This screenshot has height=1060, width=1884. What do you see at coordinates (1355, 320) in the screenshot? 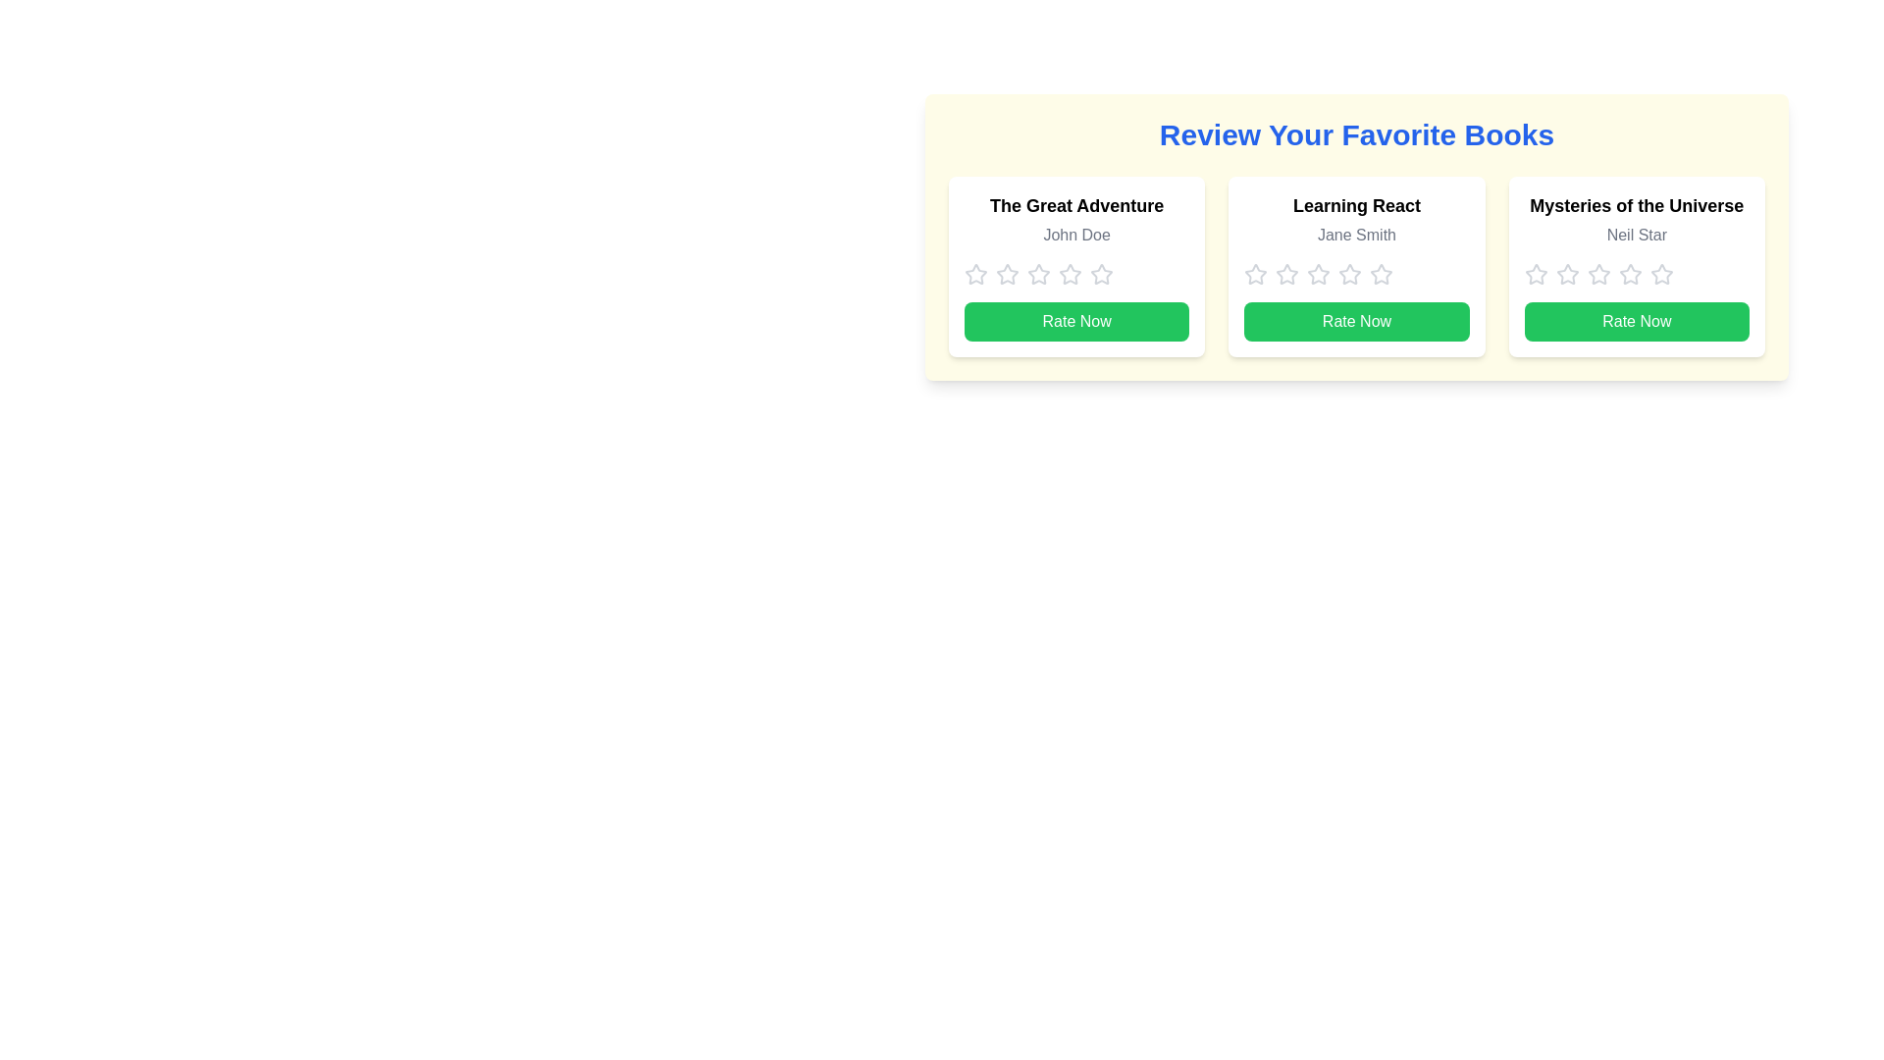
I see `the 'Rate Now' button with rounded corners and a vivid green background` at bounding box center [1355, 320].